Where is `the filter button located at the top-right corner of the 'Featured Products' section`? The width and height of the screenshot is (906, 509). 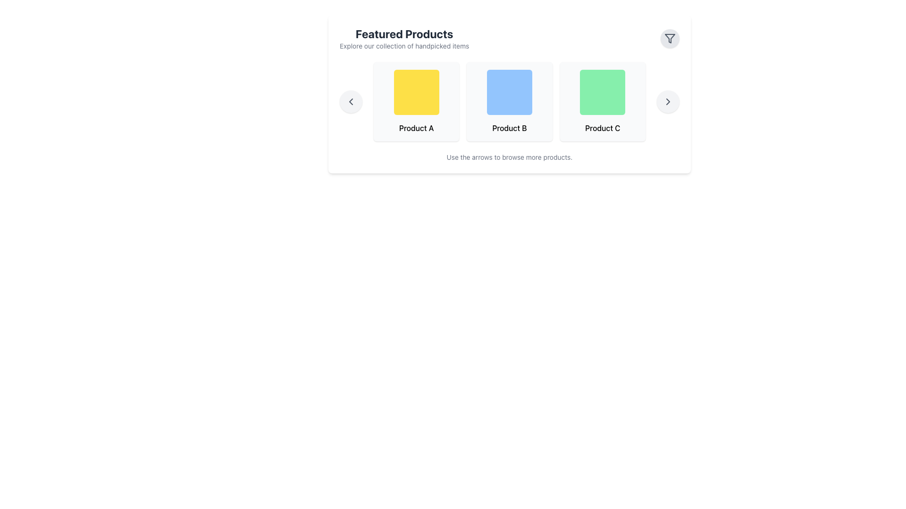
the filter button located at the top-right corner of the 'Featured Products' section is located at coordinates (670, 38).